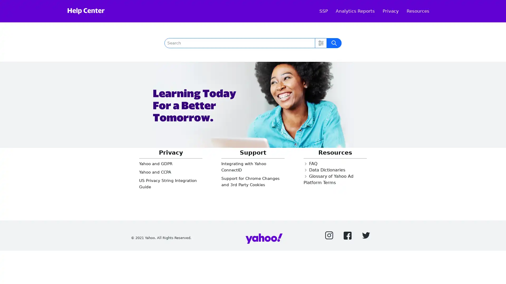 Image resolution: width=506 pixels, height=284 pixels. What do you see at coordinates (310, 163) in the screenshot?
I see `Closed FAQ` at bounding box center [310, 163].